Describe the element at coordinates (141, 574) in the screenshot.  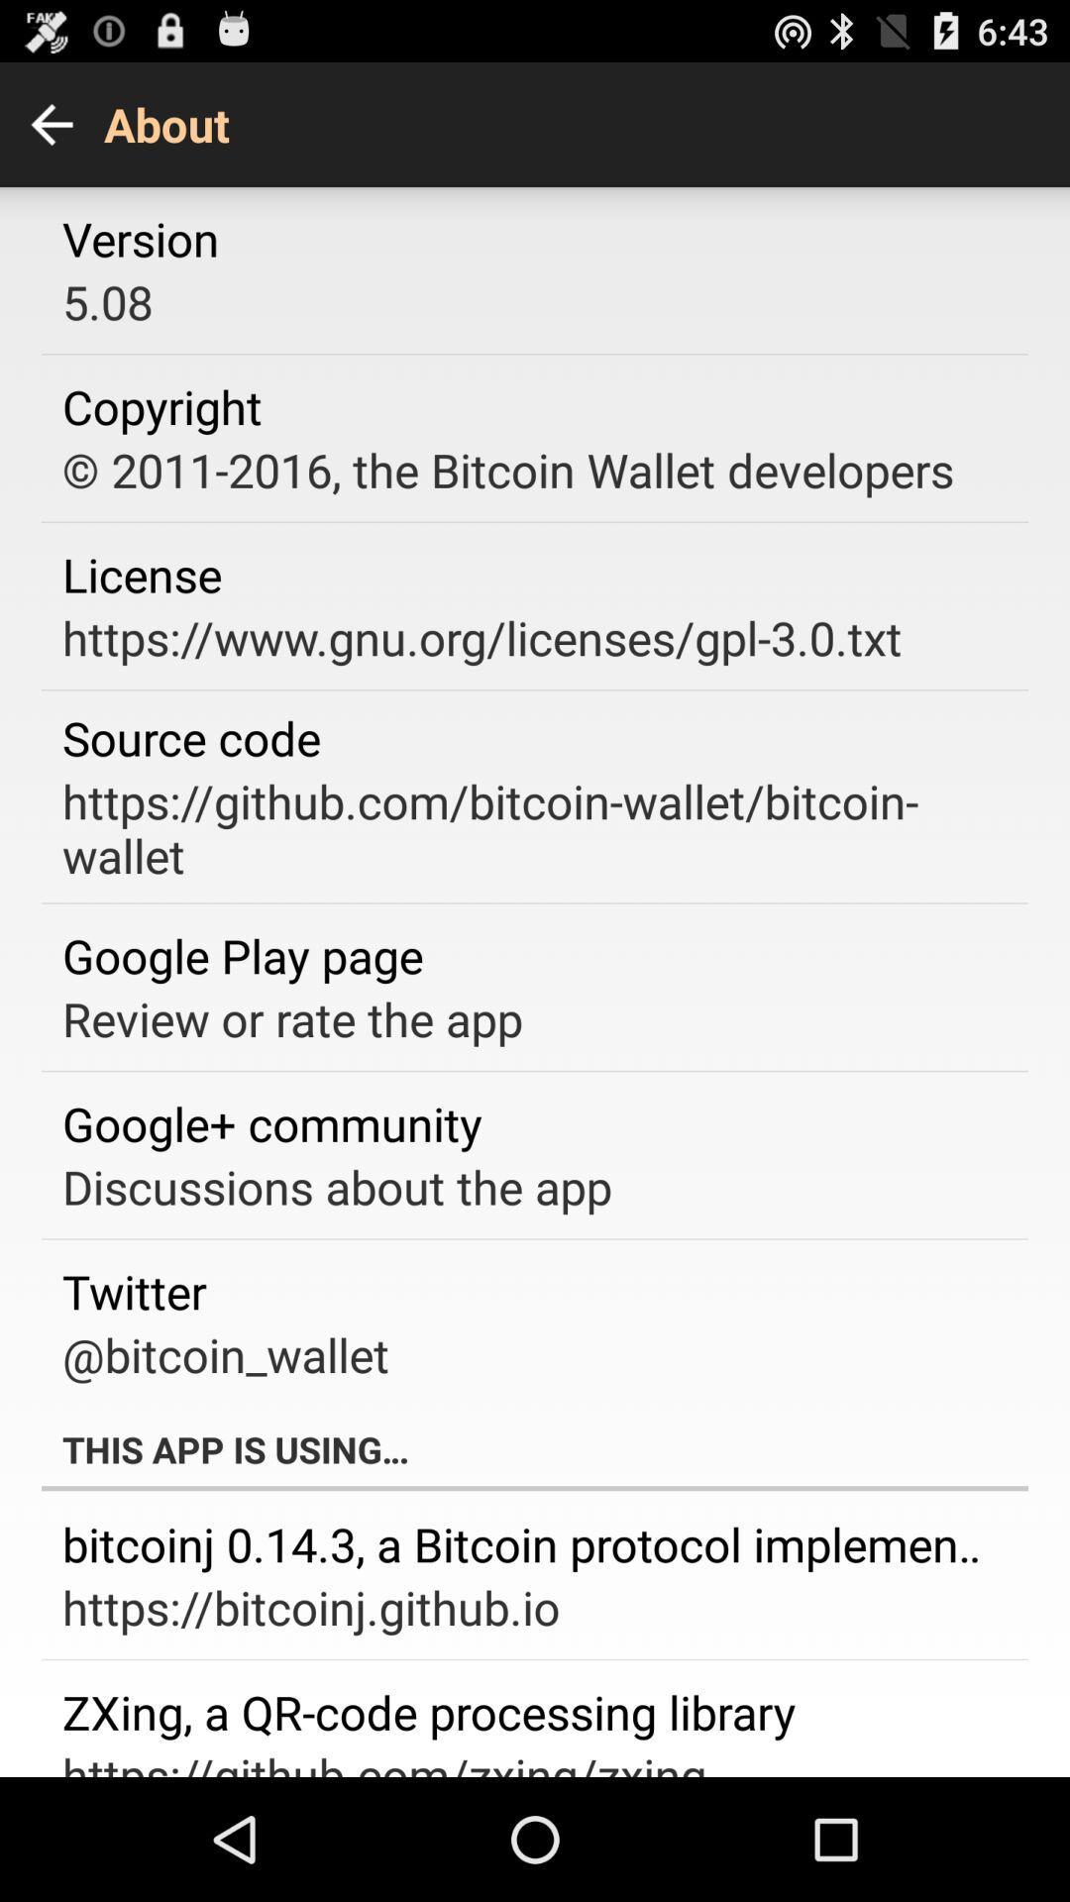
I see `app above https www gnu icon` at that location.